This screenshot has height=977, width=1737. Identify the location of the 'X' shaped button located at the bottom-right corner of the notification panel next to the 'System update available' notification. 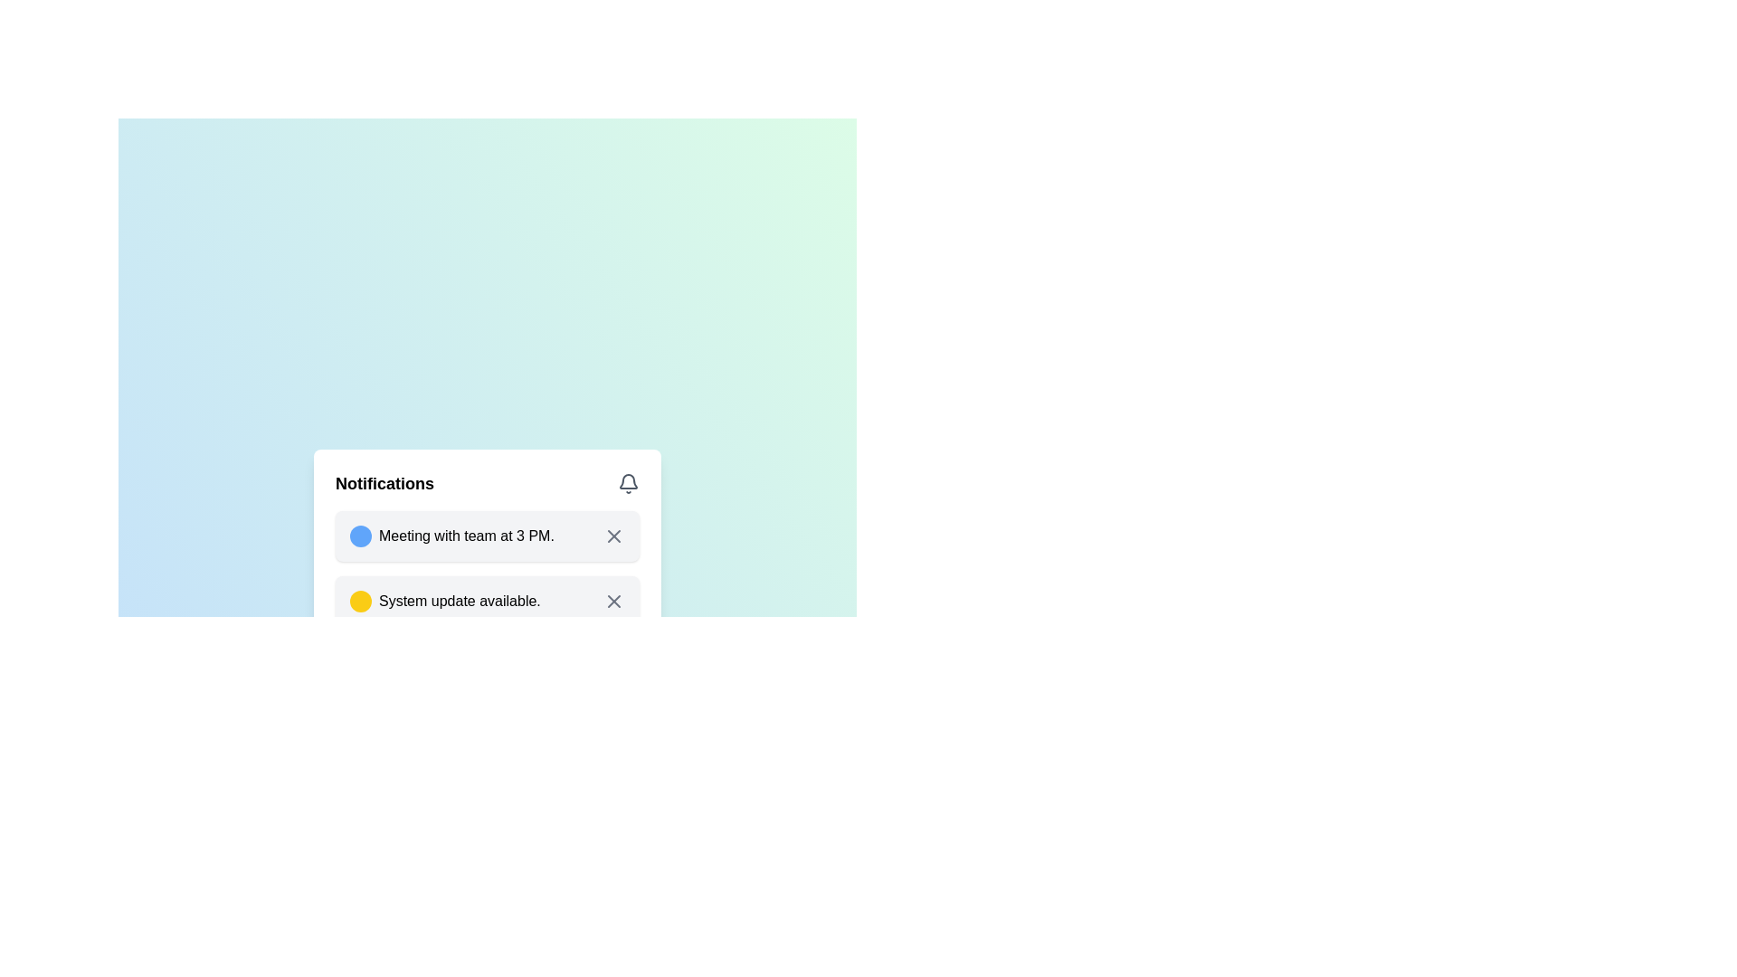
(613, 601).